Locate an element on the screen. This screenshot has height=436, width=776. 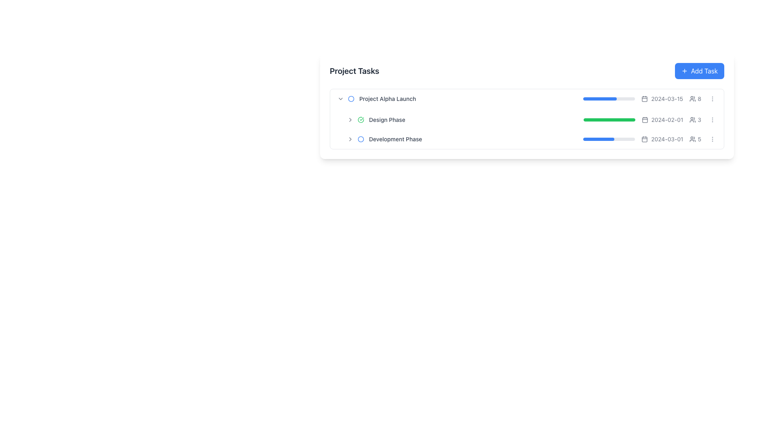
the progress bar indicating 60% completion for the task titled 'Development Phase' located below the date '2024-03-01' is located at coordinates (609, 138).